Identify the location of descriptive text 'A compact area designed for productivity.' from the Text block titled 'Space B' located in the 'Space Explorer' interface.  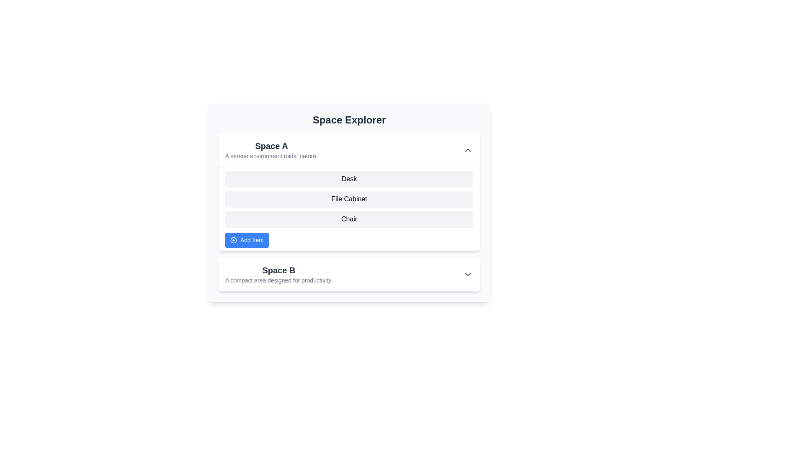
(278, 274).